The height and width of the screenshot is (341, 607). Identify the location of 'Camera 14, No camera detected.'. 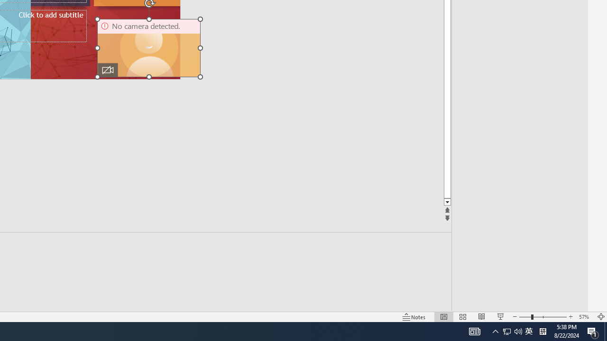
(148, 48).